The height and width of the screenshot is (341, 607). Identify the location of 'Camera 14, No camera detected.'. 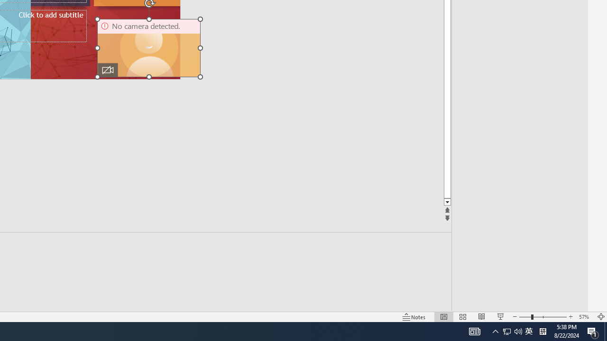
(148, 48).